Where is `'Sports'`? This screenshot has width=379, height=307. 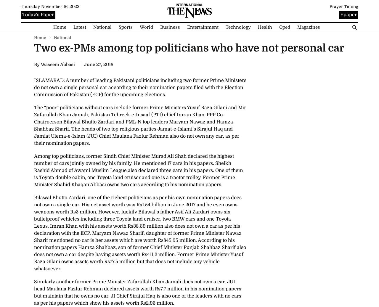 'Sports' is located at coordinates (125, 27).